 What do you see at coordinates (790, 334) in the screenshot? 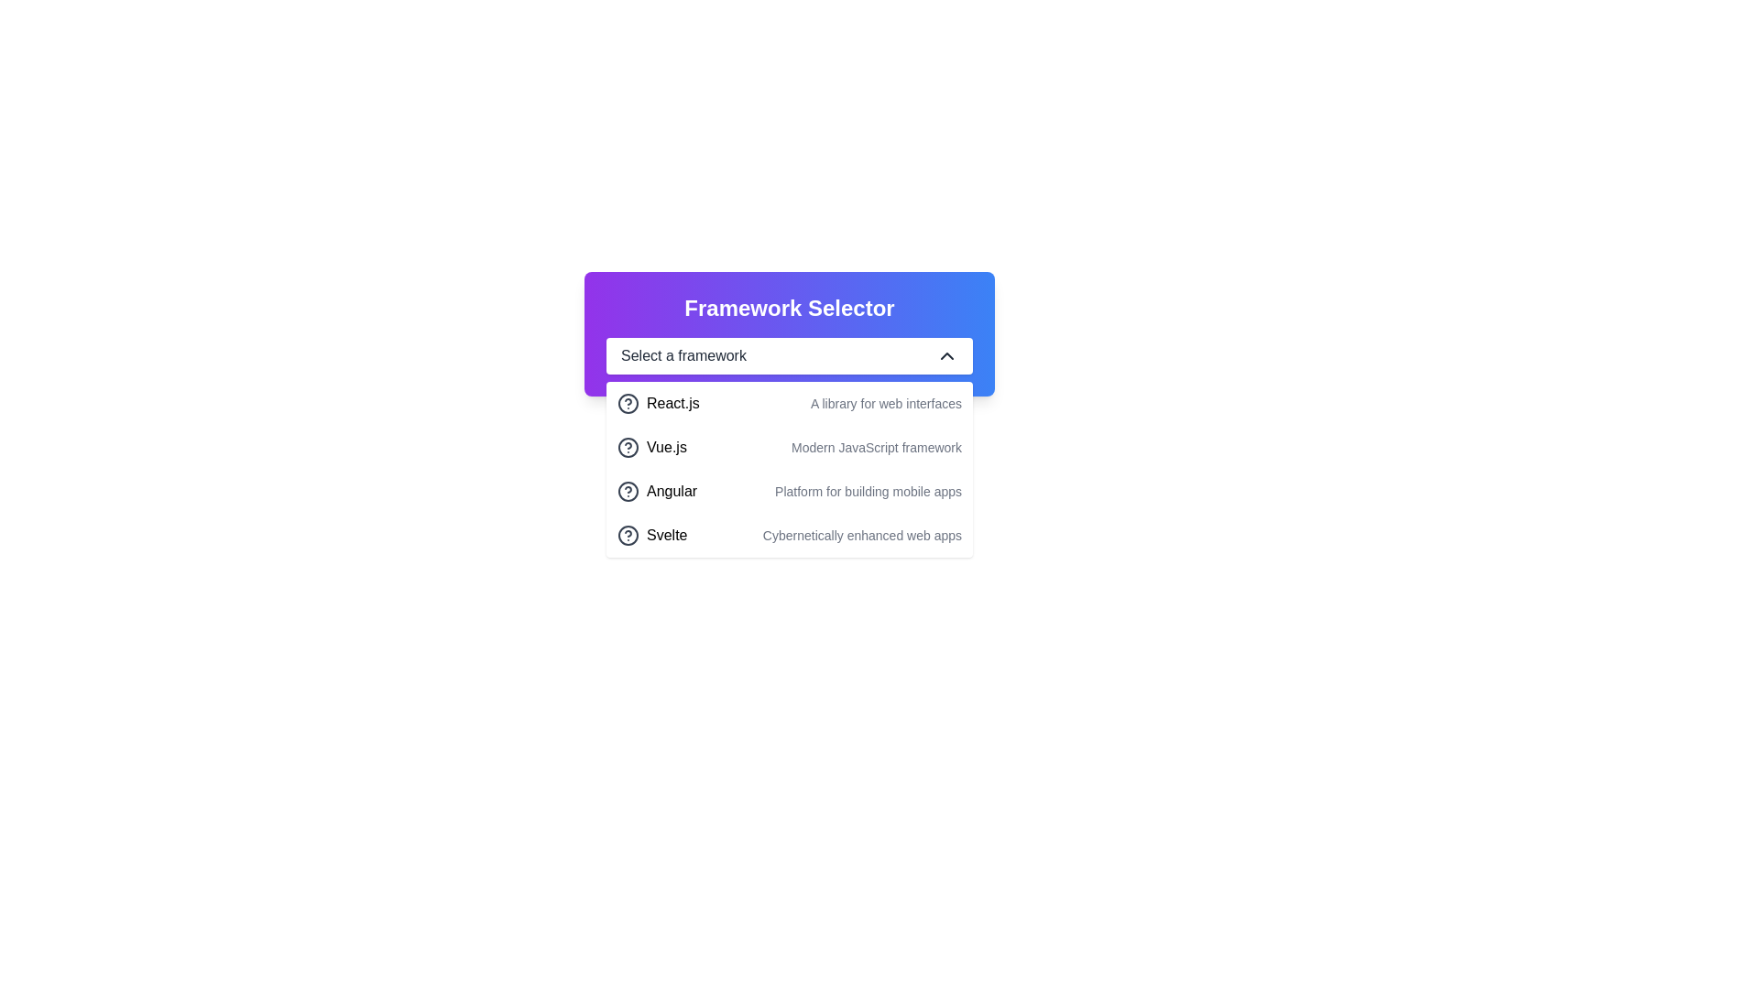
I see `the 'Framework Selector' dropdown, which has a gradient background and contains the label 'Select a framework'` at bounding box center [790, 334].